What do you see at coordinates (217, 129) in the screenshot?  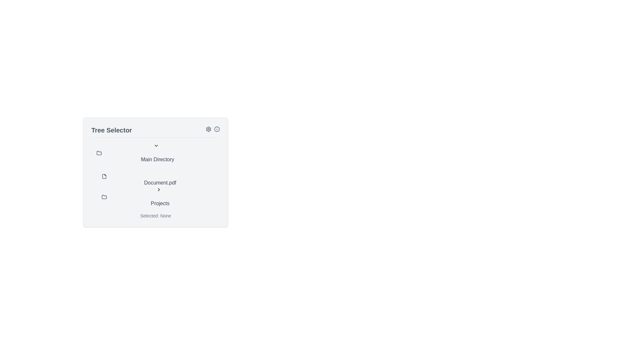 I see `the circular icon in the top-right corner, which features a smaller circle and a vertical line inside its perimeter` at bounding box center [217, 129].